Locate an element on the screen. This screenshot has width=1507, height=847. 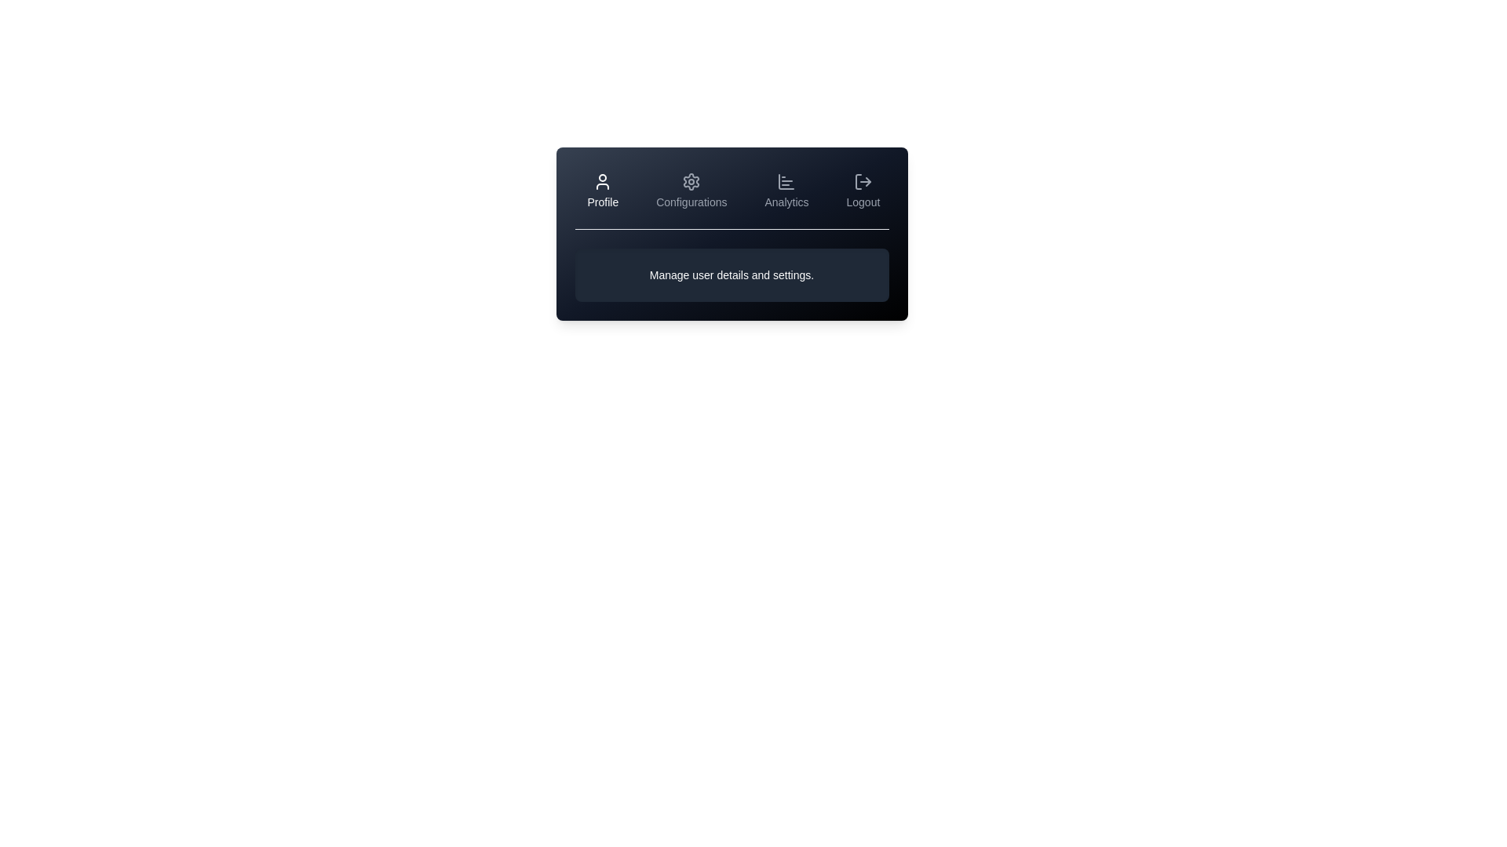
the Profile tab to view its content is located at coordinates (602, 190).